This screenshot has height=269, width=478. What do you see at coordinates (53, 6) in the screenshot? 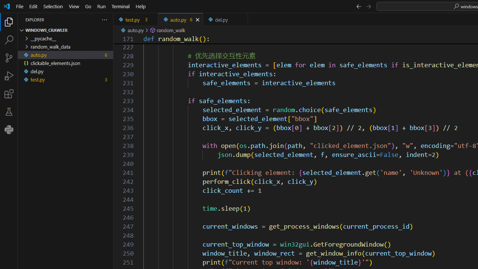
I see `'Selection'` at bounding box center [53, 6].